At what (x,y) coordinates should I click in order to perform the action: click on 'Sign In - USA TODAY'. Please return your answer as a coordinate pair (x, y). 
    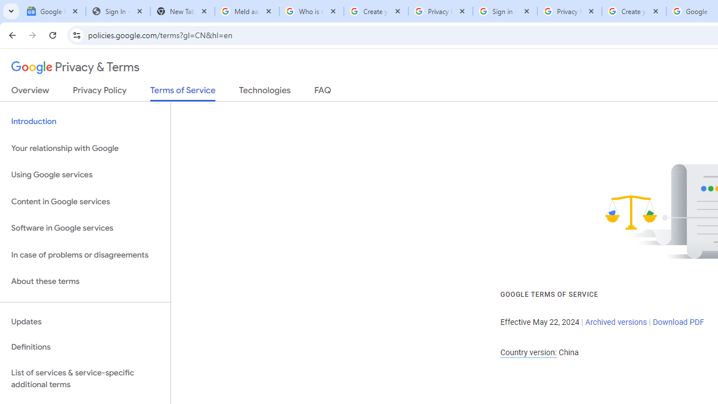
    Looking at the image, I should click on (117, 11).